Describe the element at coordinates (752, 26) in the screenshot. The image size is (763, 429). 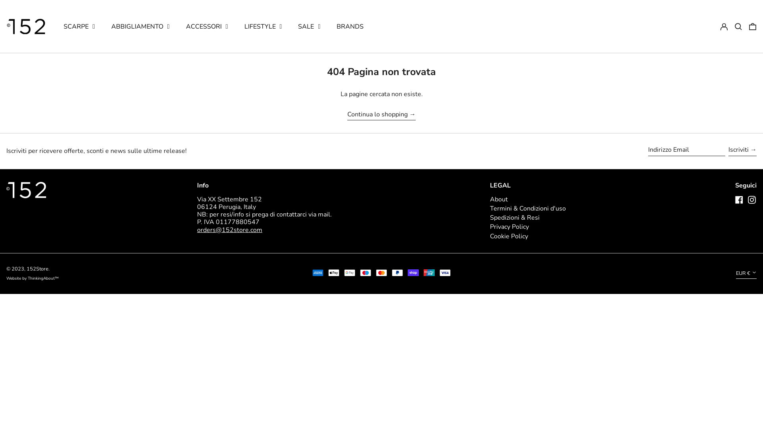
I see `'0 articoli'` at that location.